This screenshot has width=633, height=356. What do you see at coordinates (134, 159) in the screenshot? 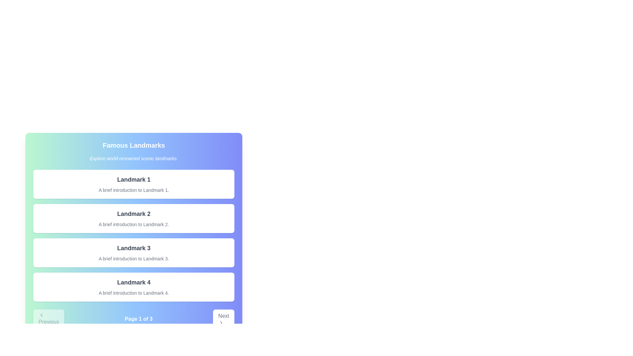
I see `the Text Label that provides an introductory phrase or tagline for the landmarks section, positioned below the title 'Famous Landmarks'` at bounding box center [134, 159].